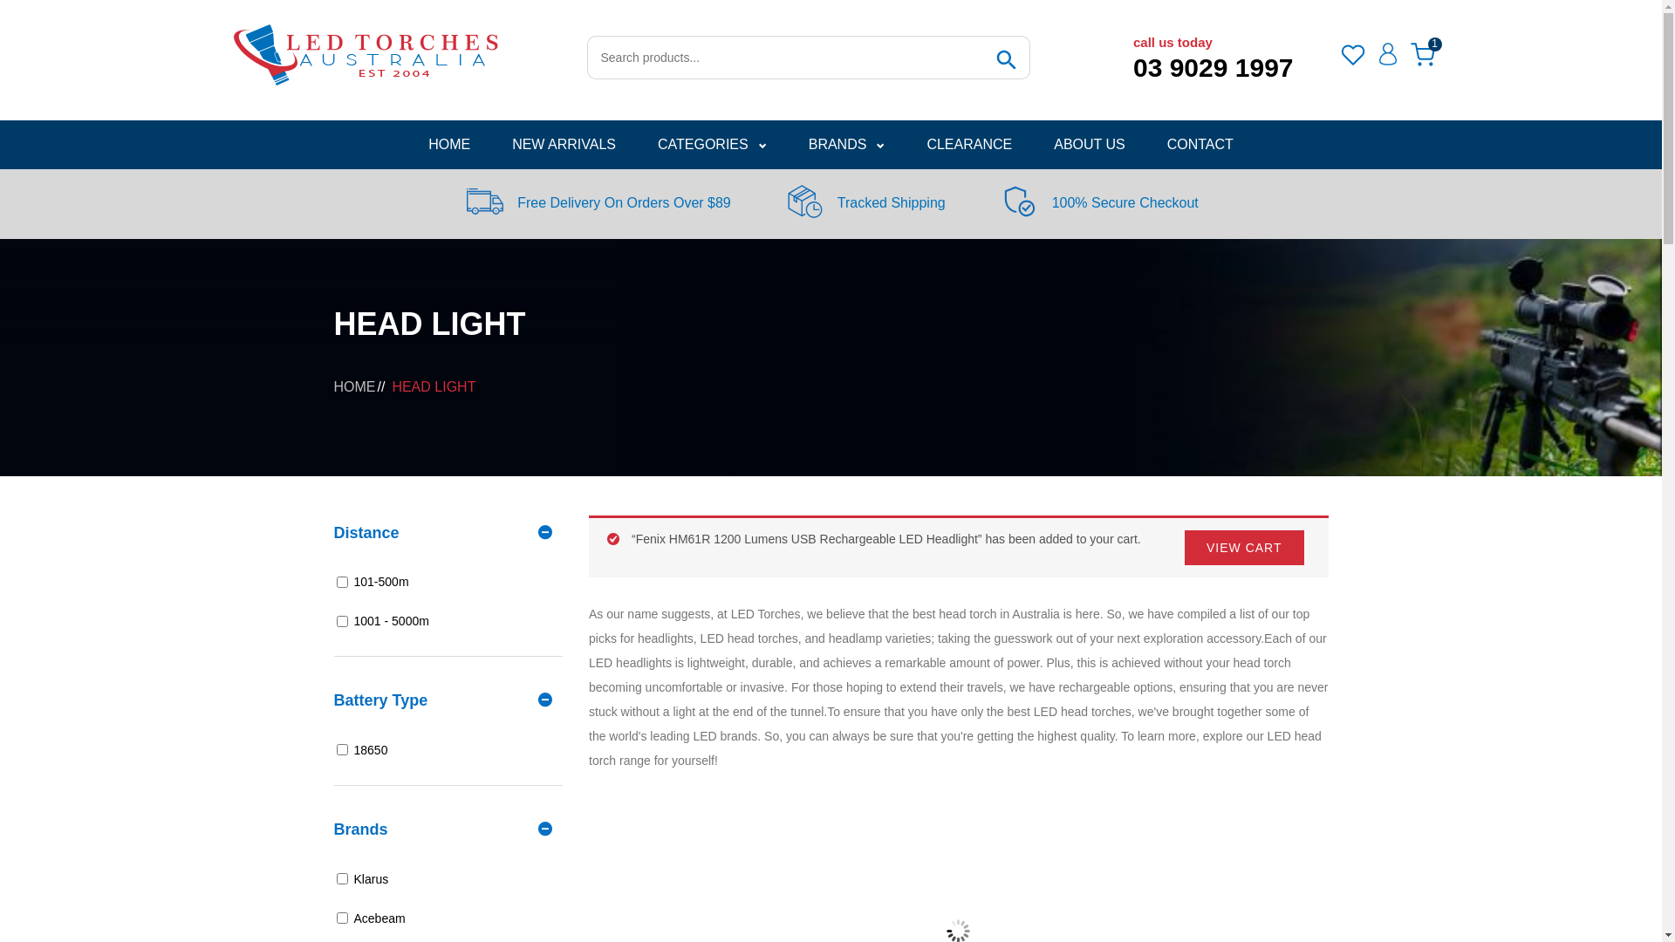 Image resolution: width=1675 pixels, height=942 pixels. Describe the element at coordinates (1088, 143) in the screenshot. I see `'ABOUT US'` at that location.